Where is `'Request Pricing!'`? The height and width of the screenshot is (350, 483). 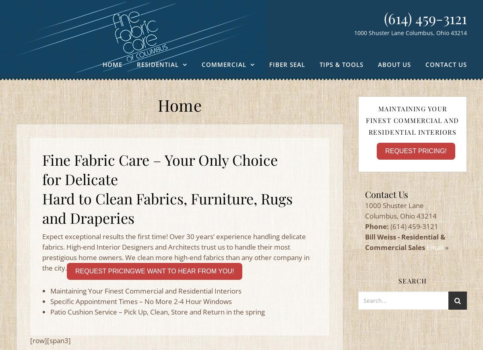 'Request Pricing!' is located at coordinates (415, 151).